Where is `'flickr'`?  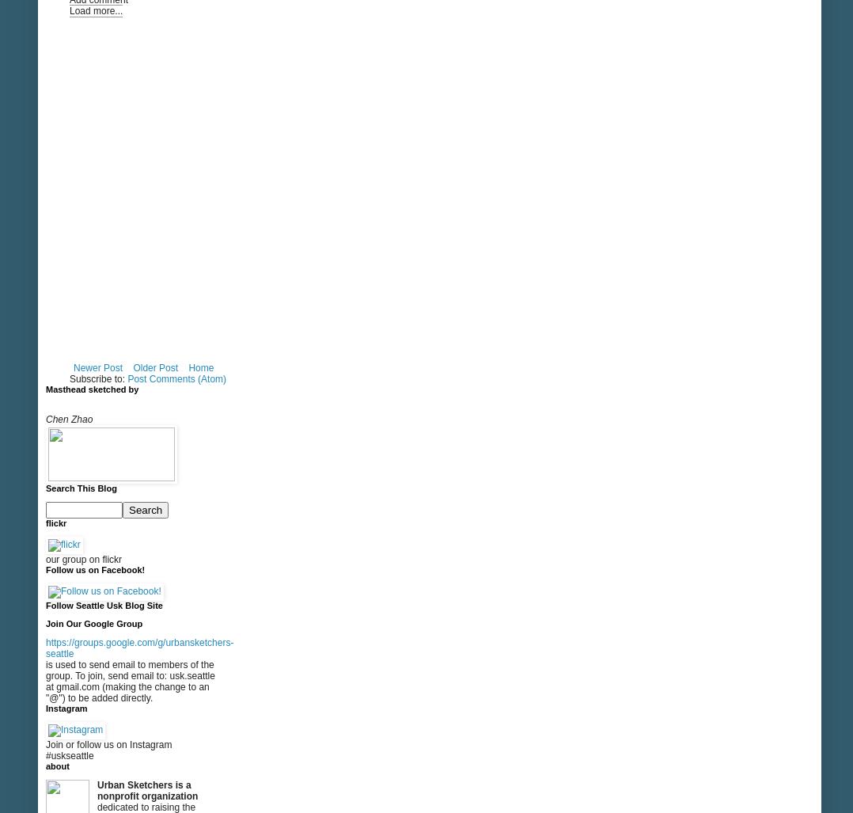
'flickr' is located at coordinates (45, 522).